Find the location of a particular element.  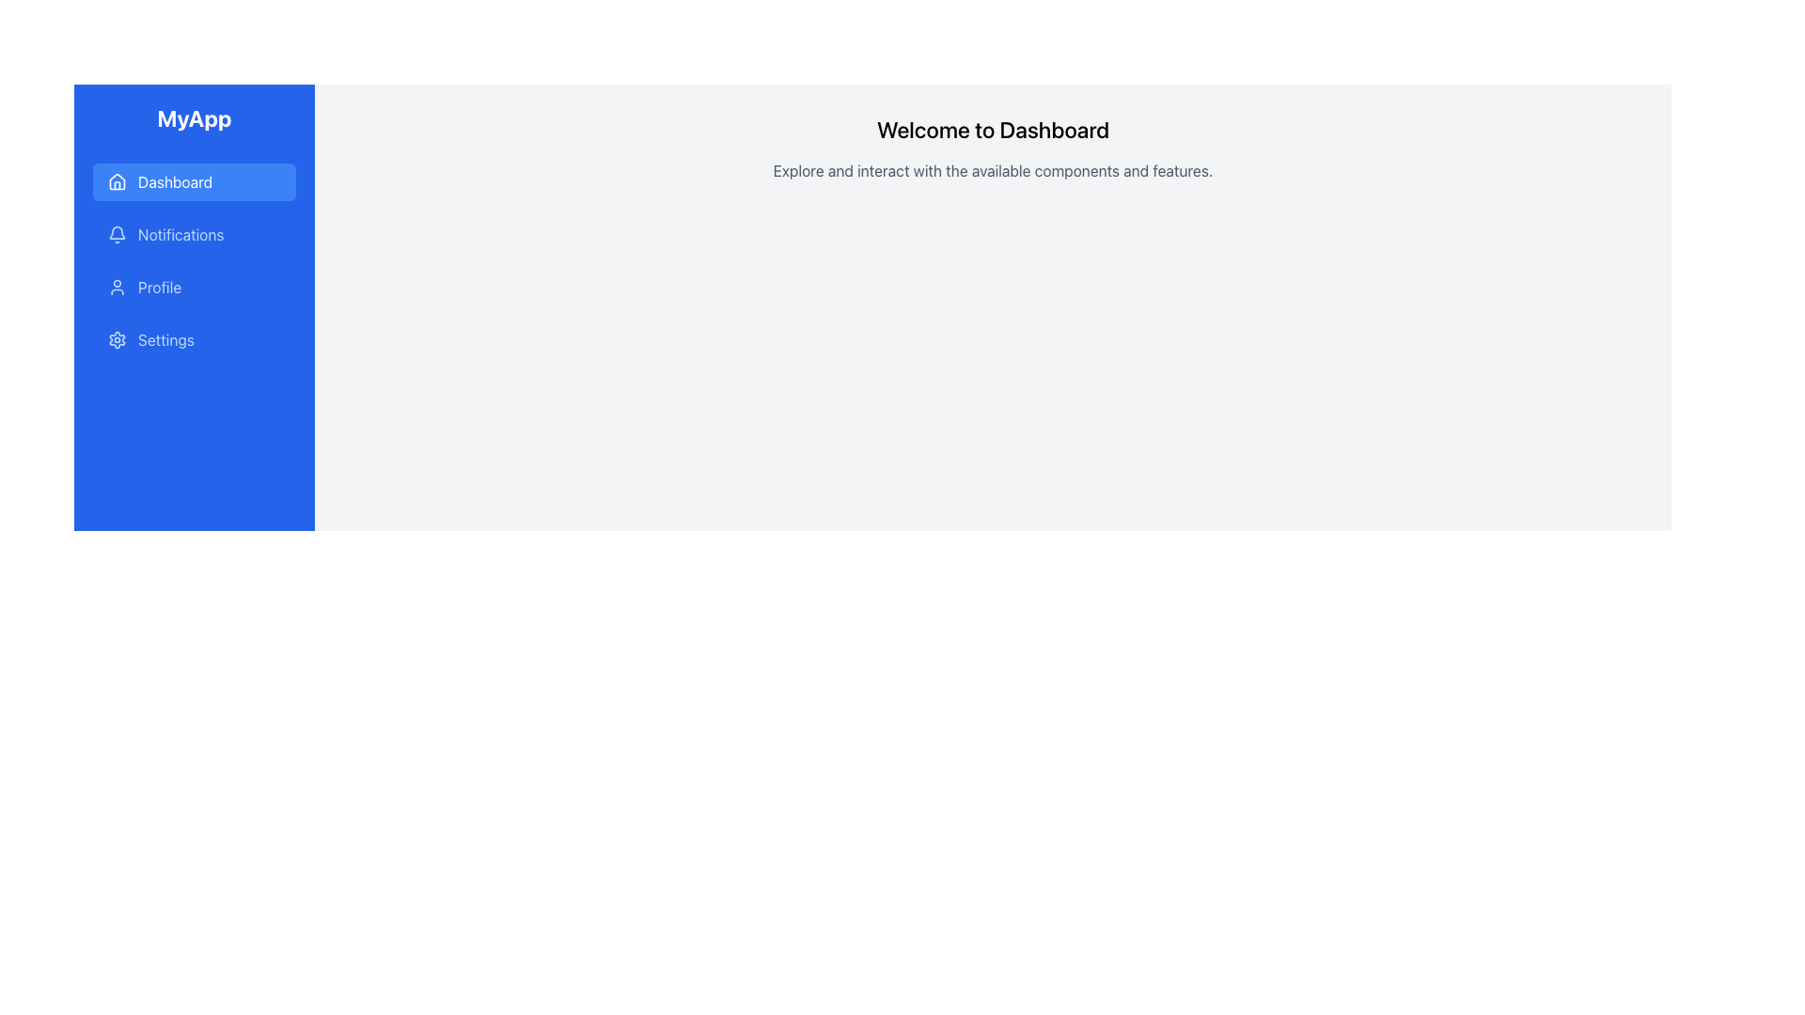

the text label displaying 'Welcome to Dashboard', which serves as a header for the page is located at coordinates (992, 129).